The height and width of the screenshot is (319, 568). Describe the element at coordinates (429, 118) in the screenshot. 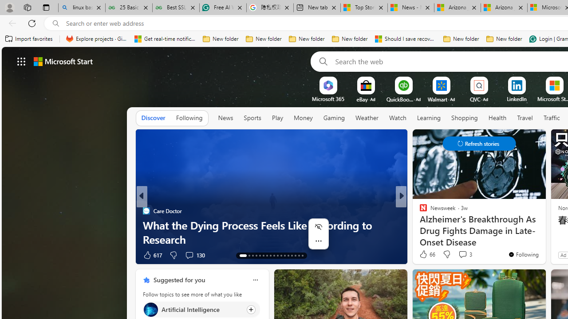

I see `'Learning'` at that location.